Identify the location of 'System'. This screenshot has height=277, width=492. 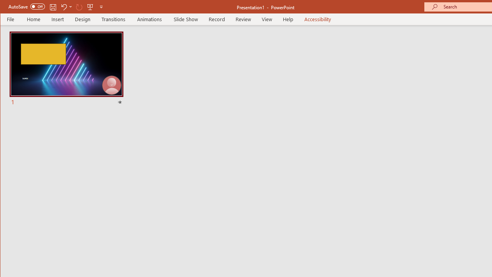
(7, 7).